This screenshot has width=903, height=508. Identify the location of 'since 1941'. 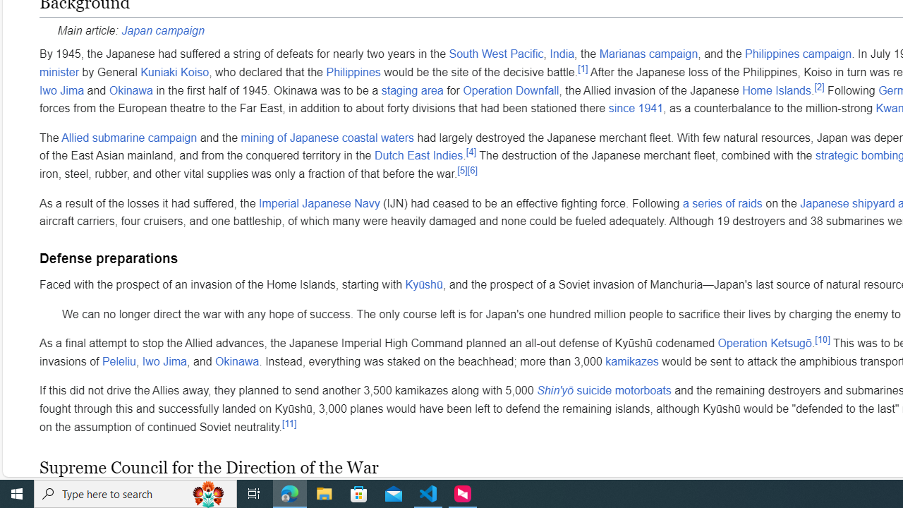
(635, 107).